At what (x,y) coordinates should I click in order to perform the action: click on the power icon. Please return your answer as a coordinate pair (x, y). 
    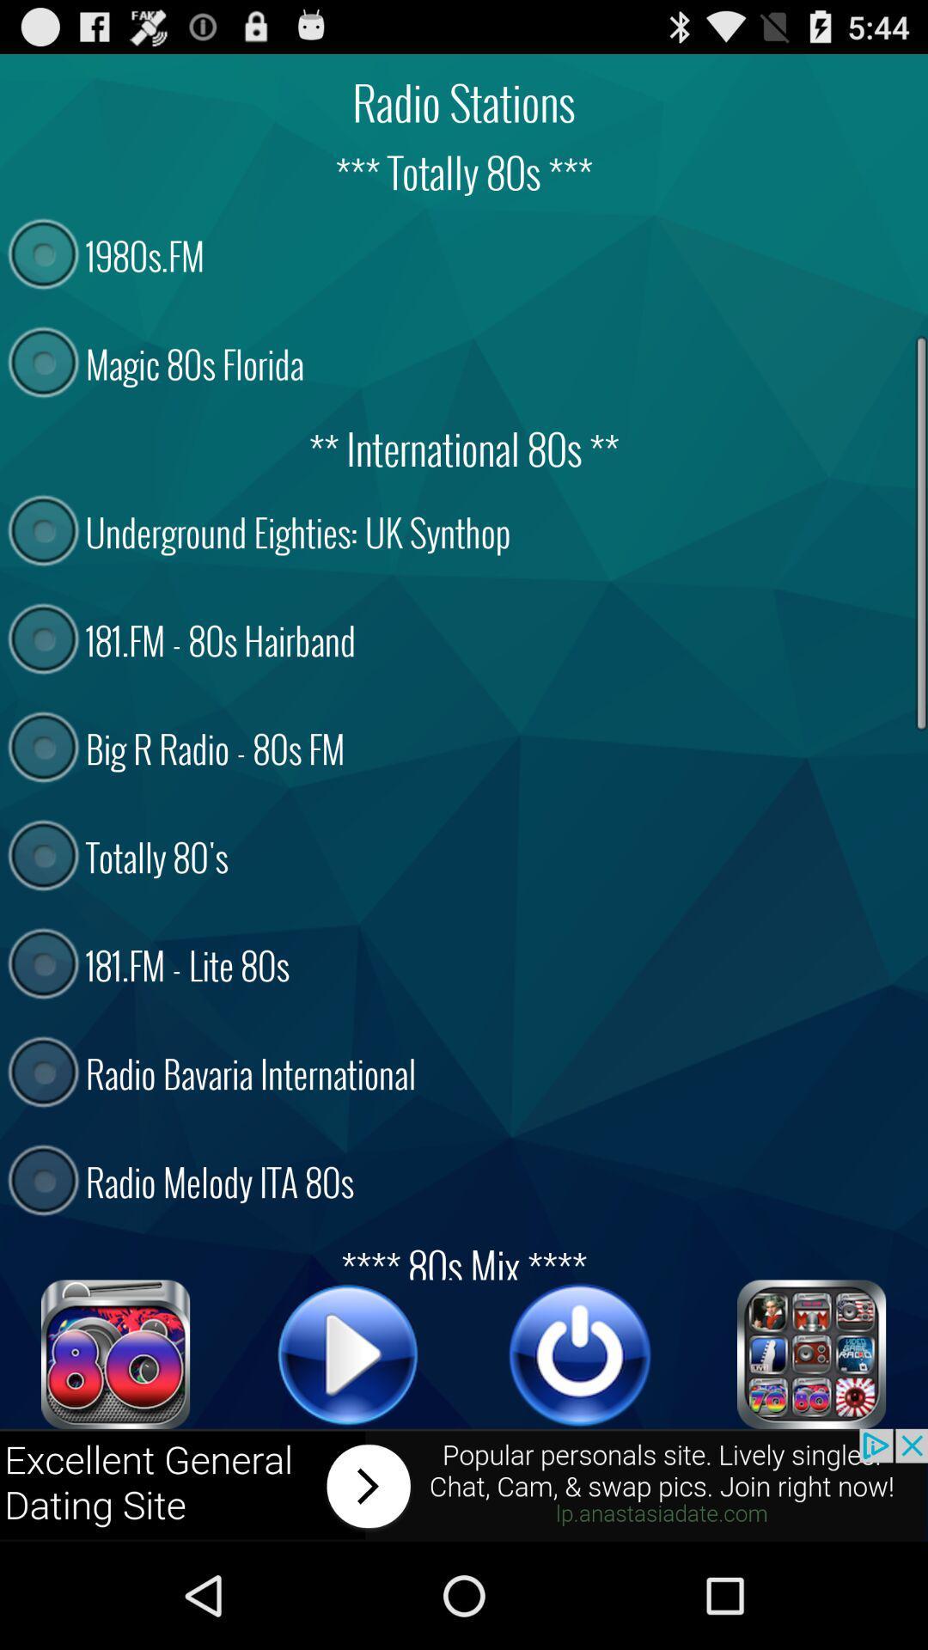
    Looking at the image, I should click on (580, 1448).